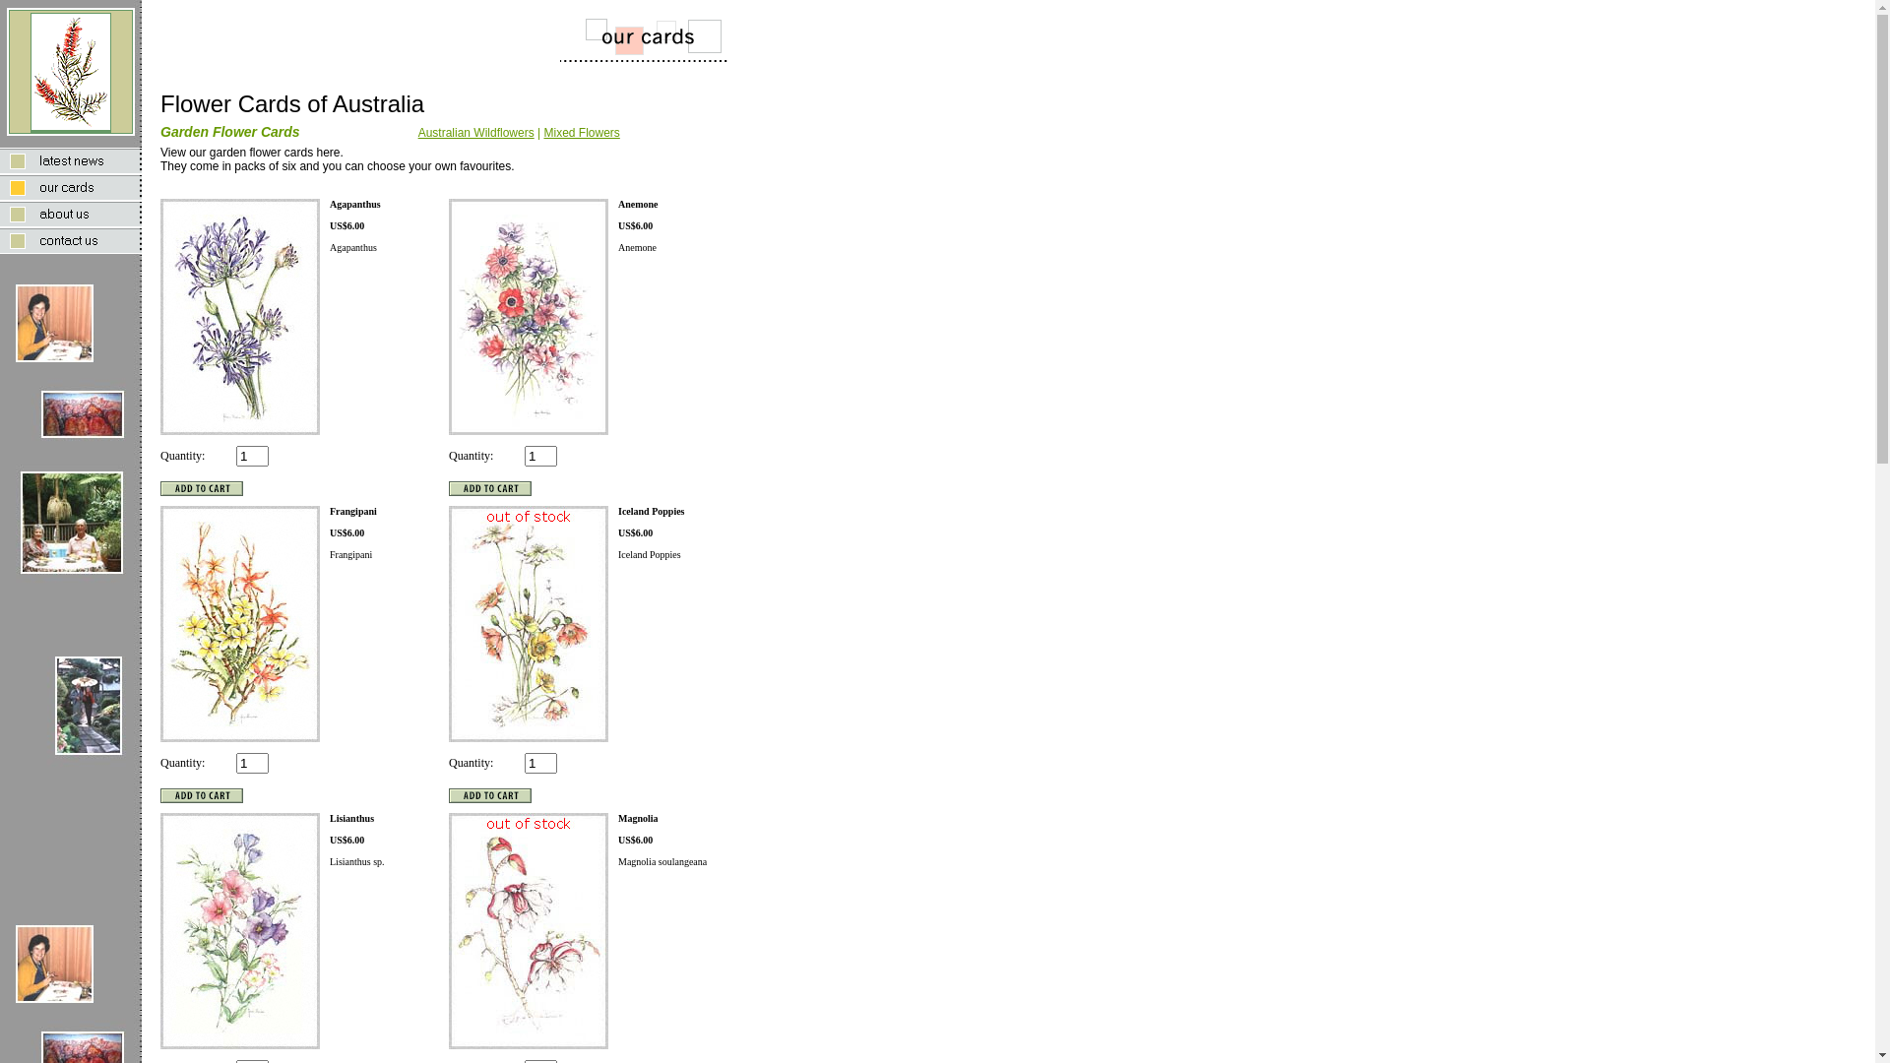 The width and height of the screenshot is (1890, 1063). Describe the element at coordinates (71, 187) in the screenshot. I see `'our cards'` at that location.